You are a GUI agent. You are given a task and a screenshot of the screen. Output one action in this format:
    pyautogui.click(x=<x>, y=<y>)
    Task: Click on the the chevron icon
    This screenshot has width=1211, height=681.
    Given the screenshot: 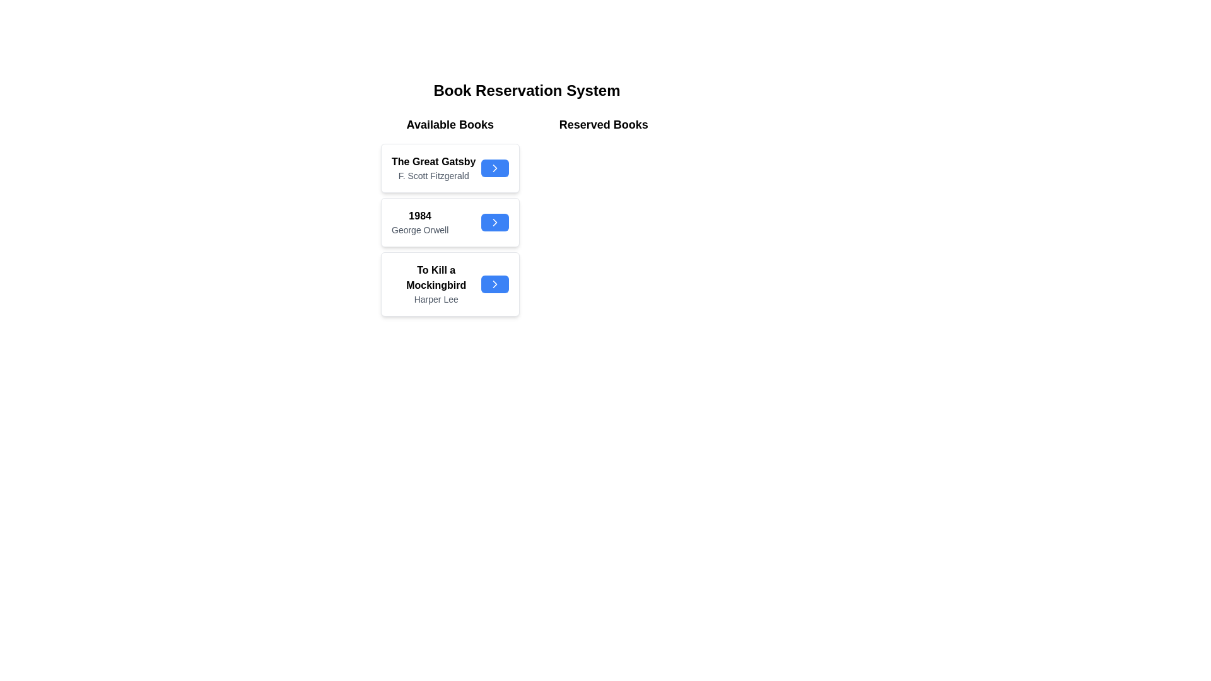 What is the action you would take?
    pyautogui.click(x=494, y=167)
    